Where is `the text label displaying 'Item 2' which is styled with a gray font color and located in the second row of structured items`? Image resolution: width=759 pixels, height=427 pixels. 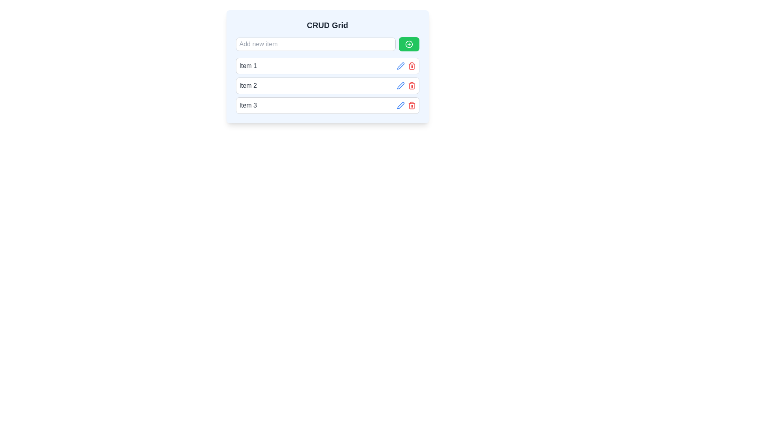 the text label displaying 'Item 2' which is styled with a gray font color and located in the second row of structured items is located at coordinates (247, 85).